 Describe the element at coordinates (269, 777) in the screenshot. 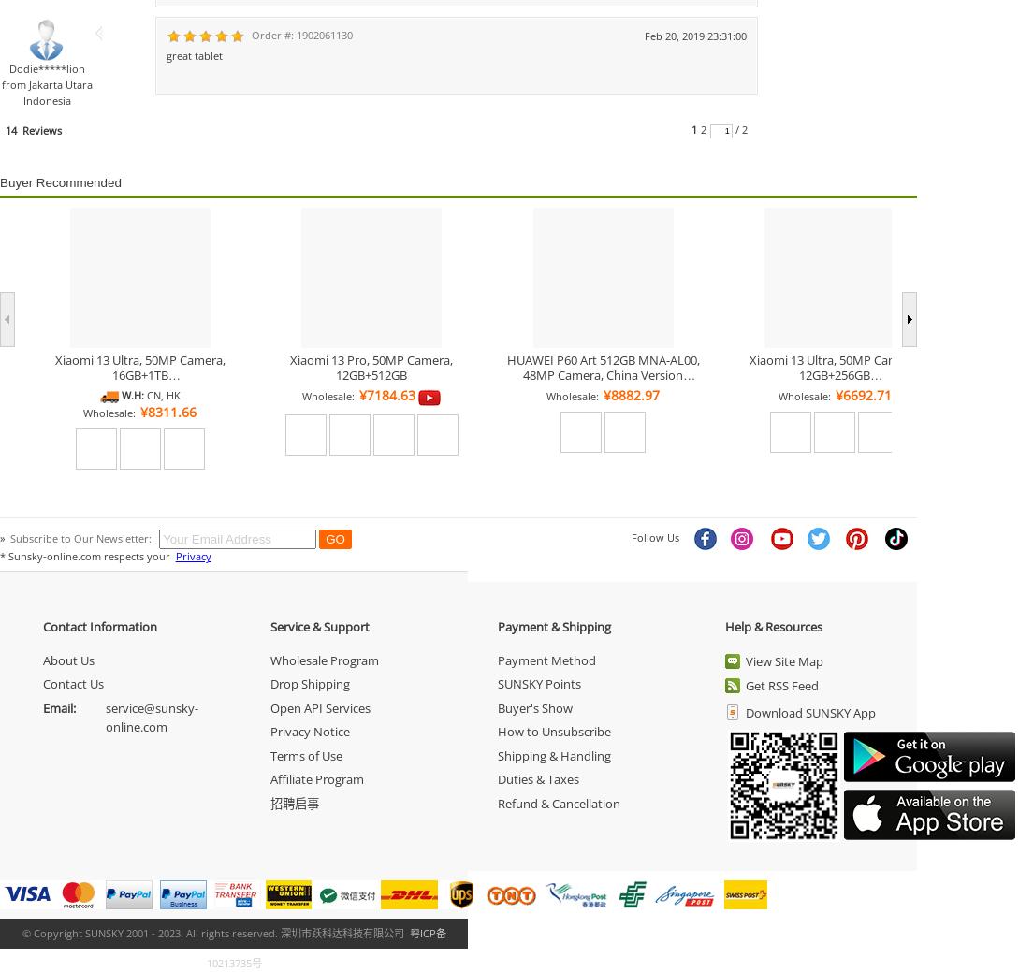

I see `'Affiliate Program'` at that location.